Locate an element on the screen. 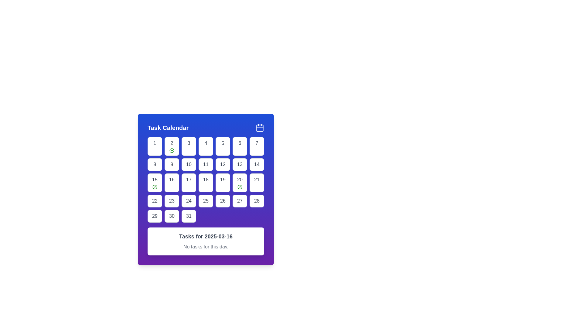 Image resolution: width=583 pixels, height=328 pixels. the numeral '7' in the calendar interface, which is styled with a medium-weight font in gray and is located inside a square white button with rounded corners is located at coordinates (257, 143).